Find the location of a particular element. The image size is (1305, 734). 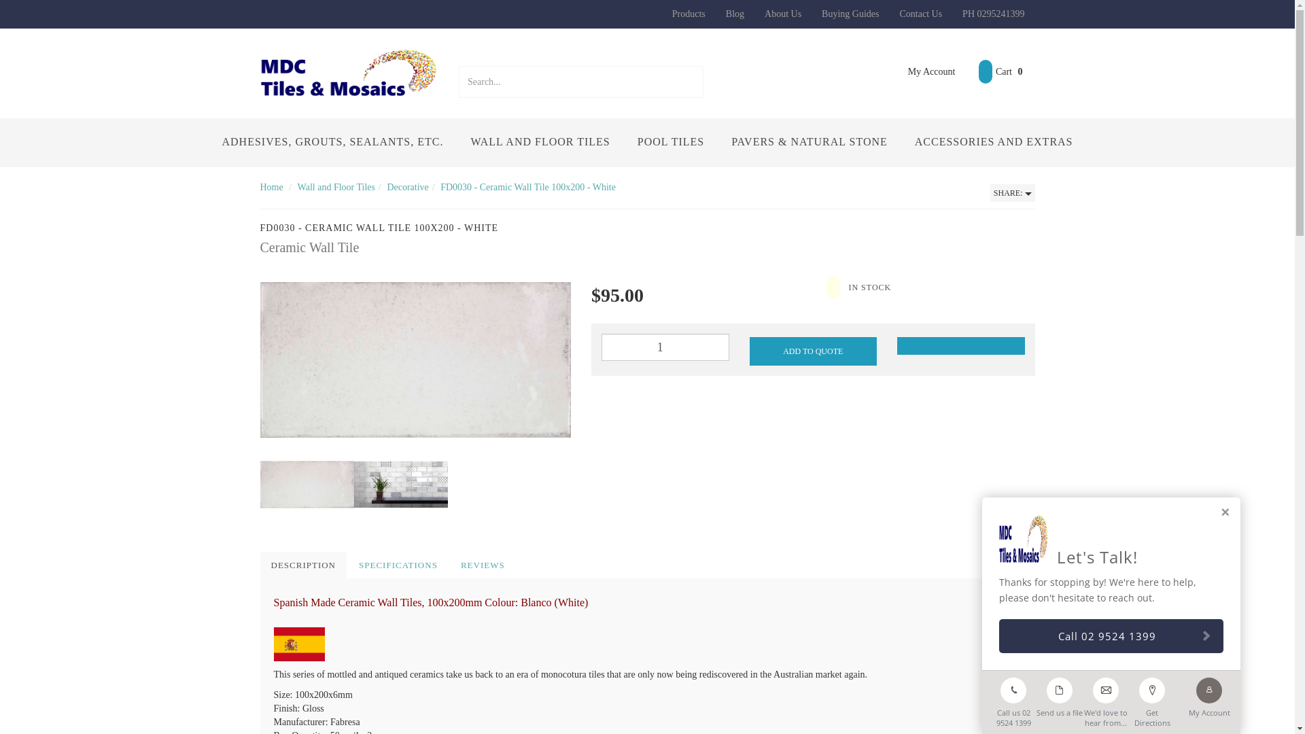

'MDC Tiles & Mosaics' is located at coordinates (349, 71).